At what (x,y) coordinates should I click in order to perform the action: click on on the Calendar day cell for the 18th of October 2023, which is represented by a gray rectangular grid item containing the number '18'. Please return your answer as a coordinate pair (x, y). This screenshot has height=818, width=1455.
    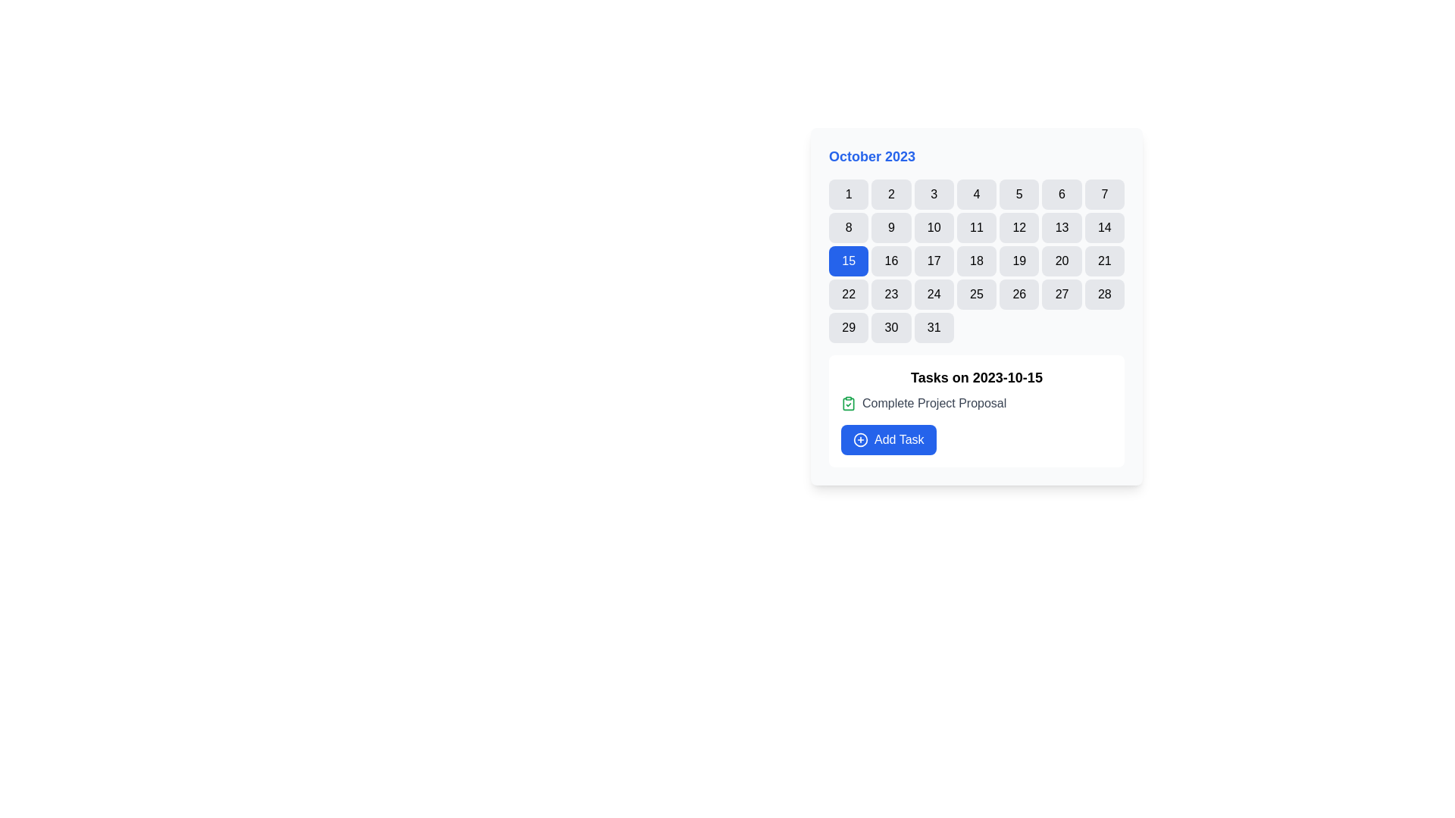
    Looking at the image, I should click on (977, 260).